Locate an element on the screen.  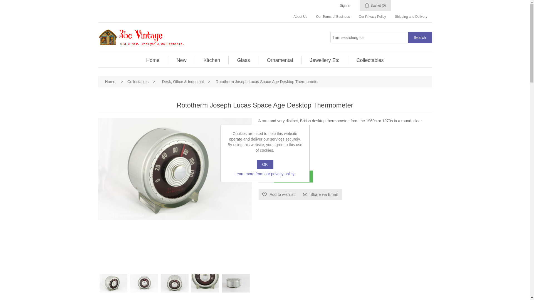
'Home' is located at coordinates (110, 81).